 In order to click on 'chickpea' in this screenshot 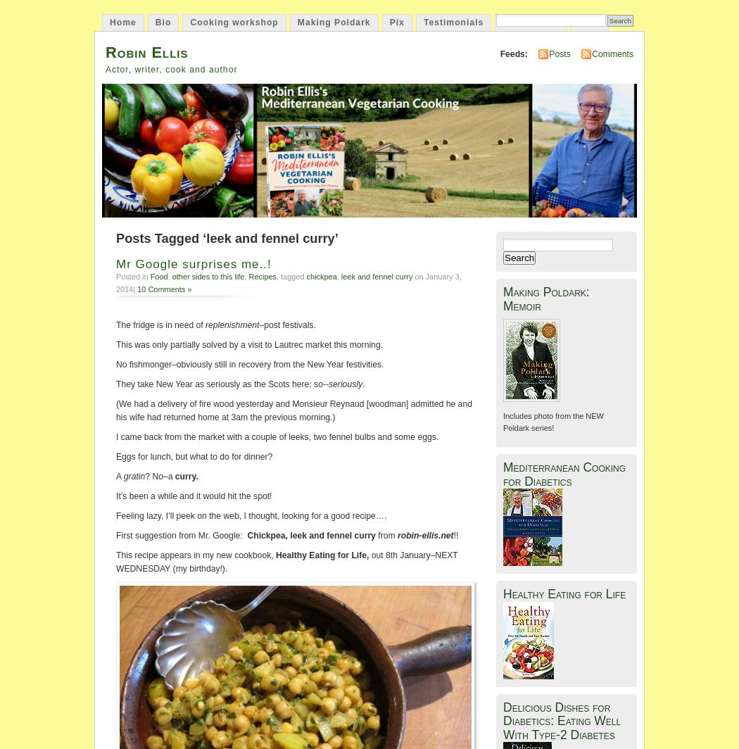, I will do `click(321, 277)`.